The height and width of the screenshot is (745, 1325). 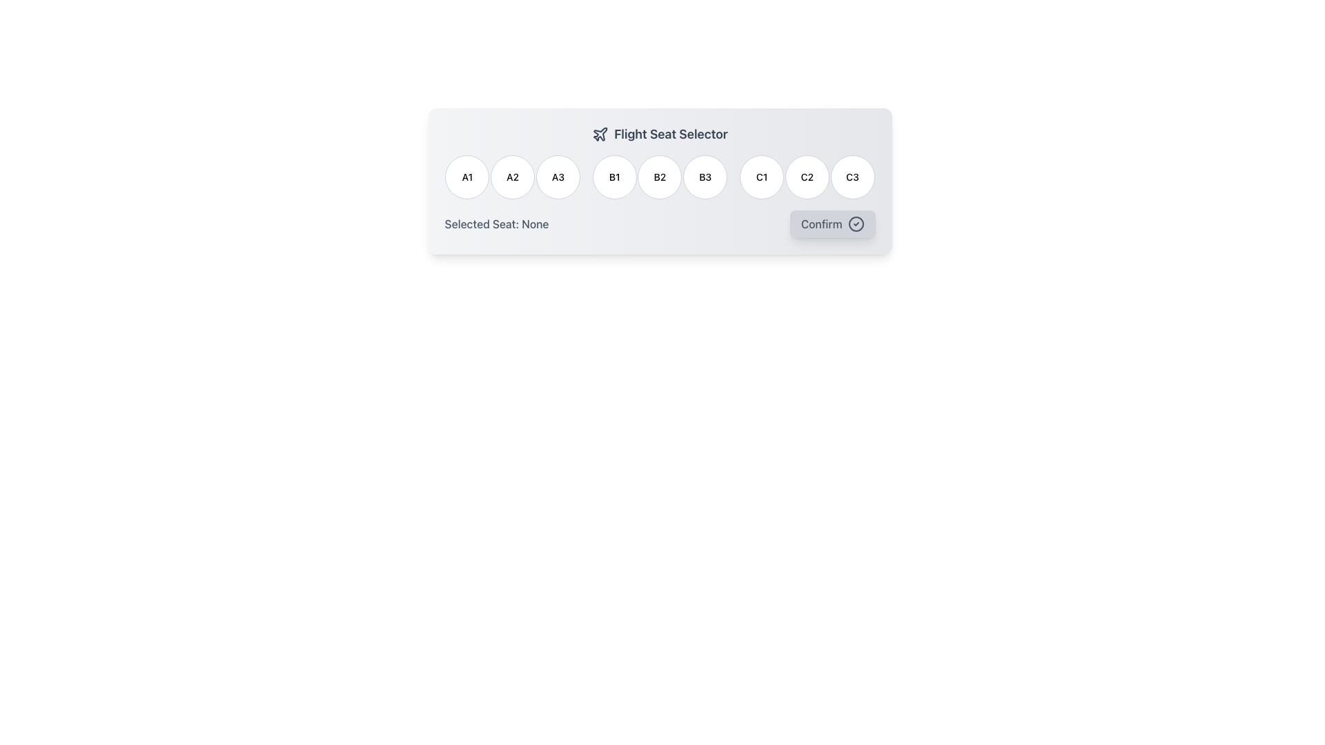 I want to click on the decorative SVG graphical shape located in the Confirm button at the bottom-right of the interface, so click(x=855, y=223).